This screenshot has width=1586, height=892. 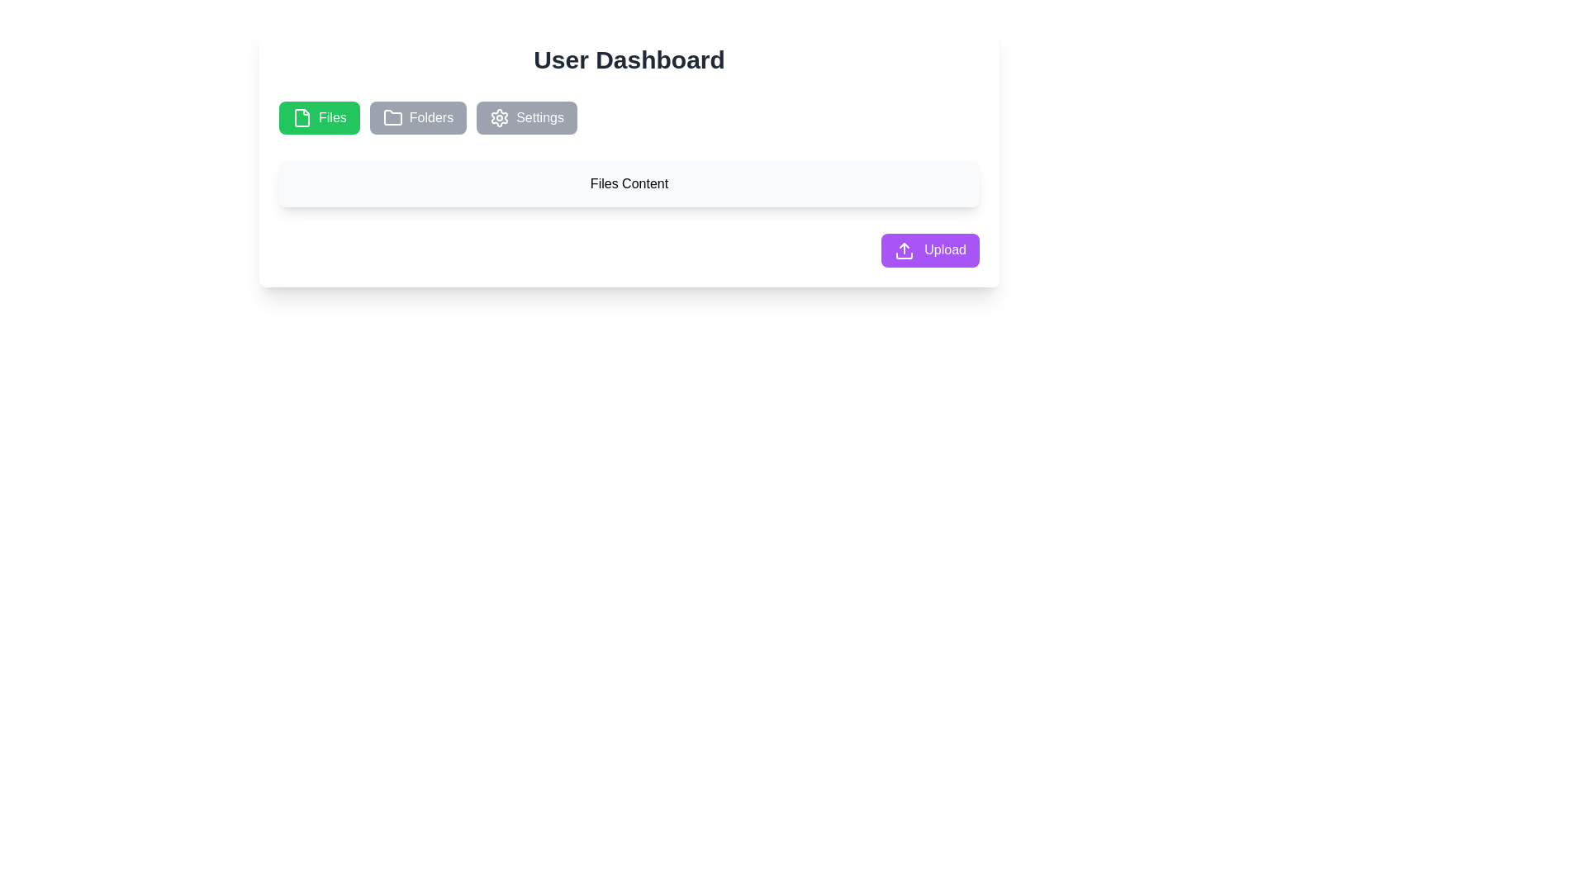 What do you see at coordinates (526, 116) in the screenshot?
I see `the 'Settings' button, which is the third button in a group of three, having a gray background and a gear icon to the left of the text, to observe the hover effects` at bounding box center [526, 116].